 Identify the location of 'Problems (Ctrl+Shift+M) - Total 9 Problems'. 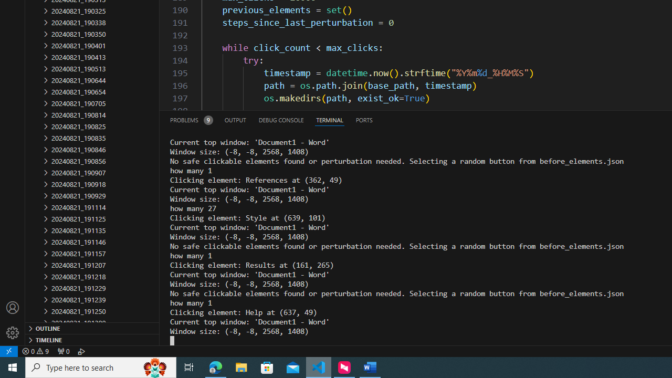
(191, 119).